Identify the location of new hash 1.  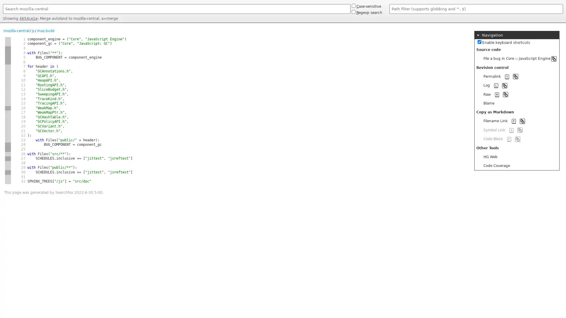
(8, 66).